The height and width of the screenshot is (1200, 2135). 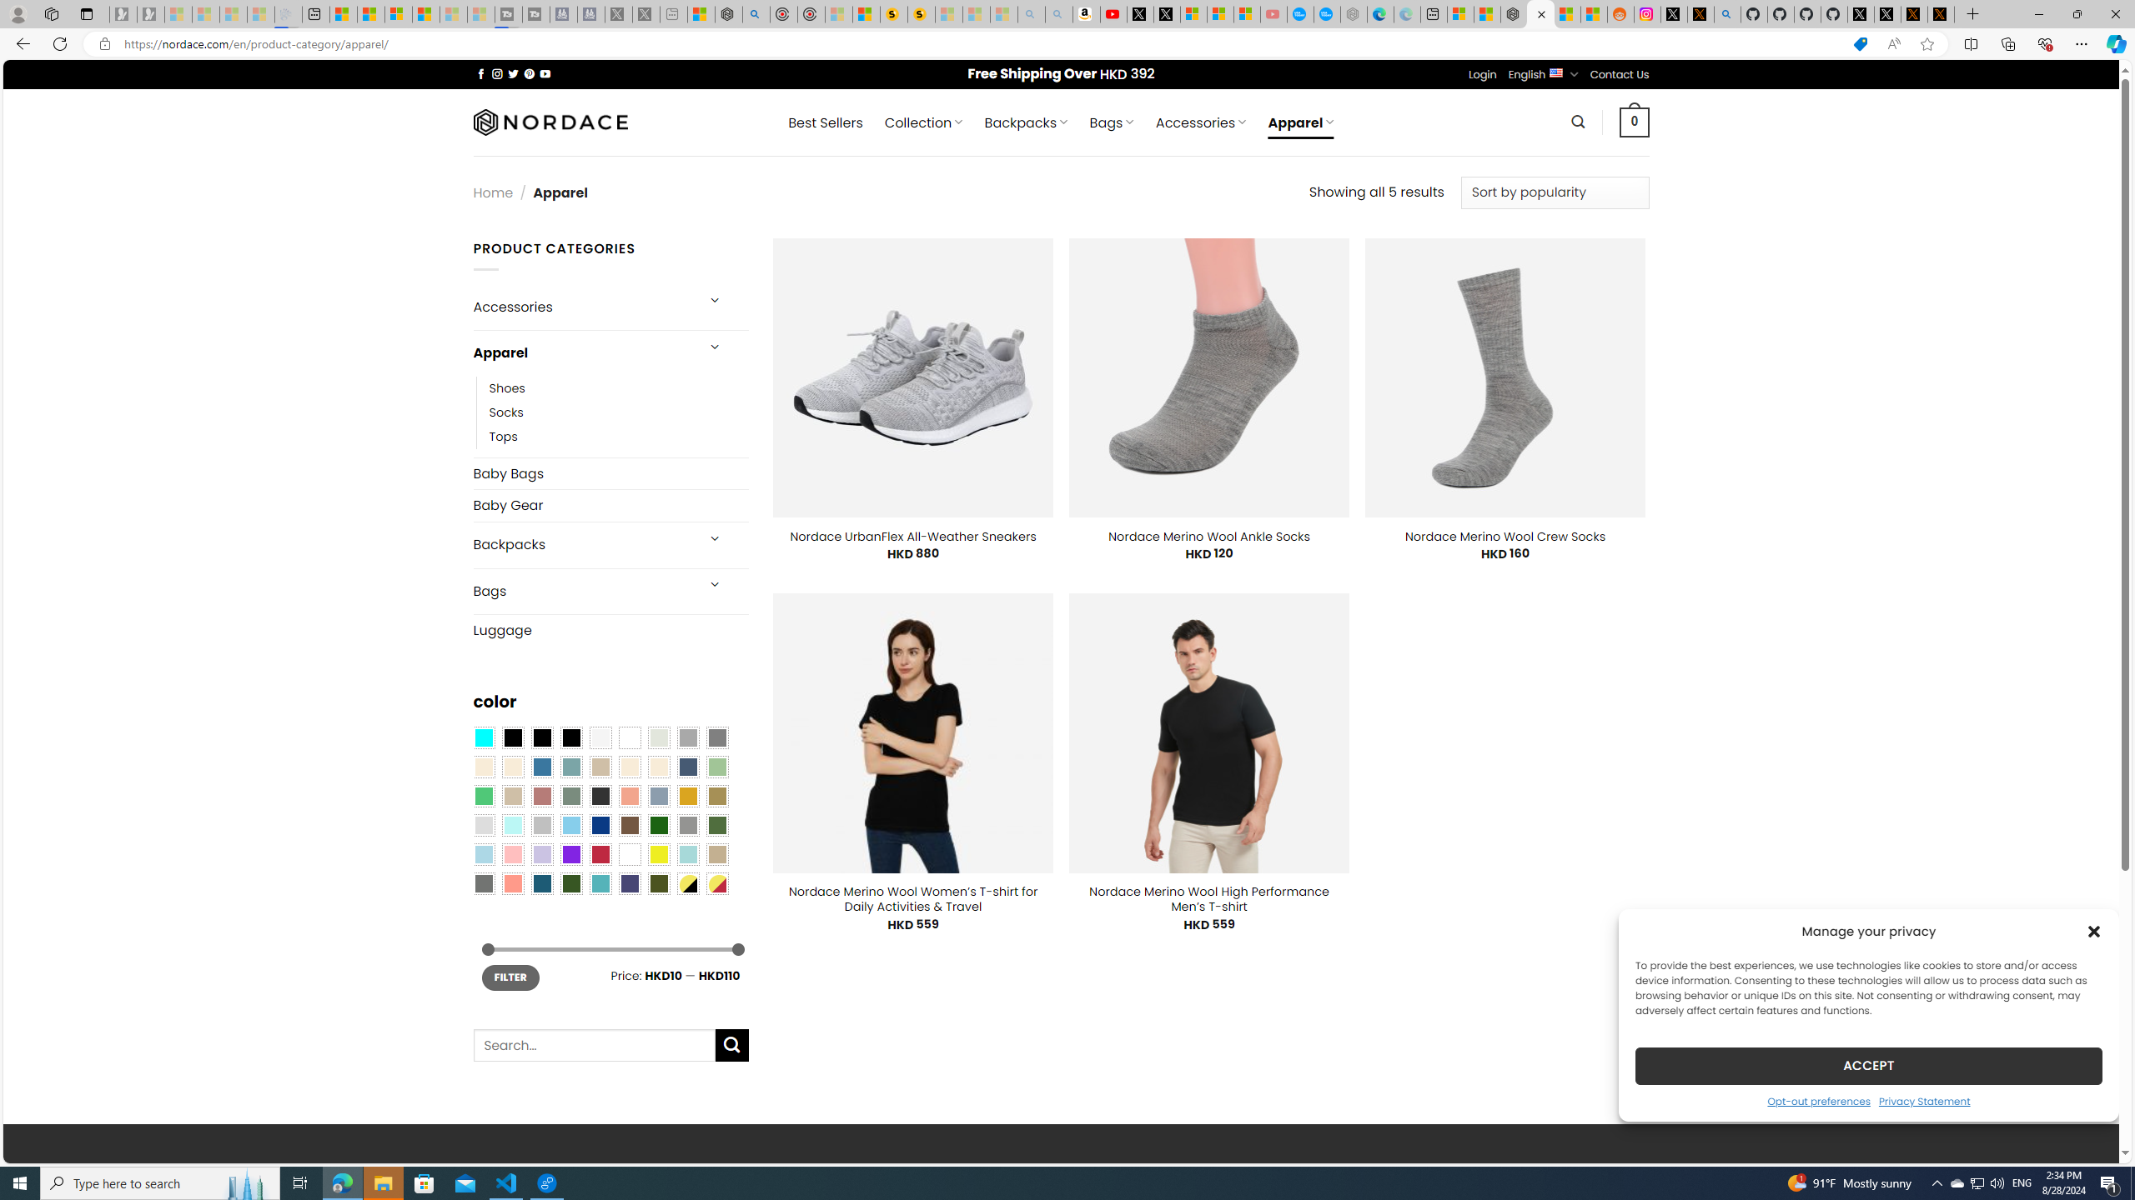 What do you see at coordinates (581, 353) in the screenshot?
I see `'Apparel'` at bounding box center [581, 353].